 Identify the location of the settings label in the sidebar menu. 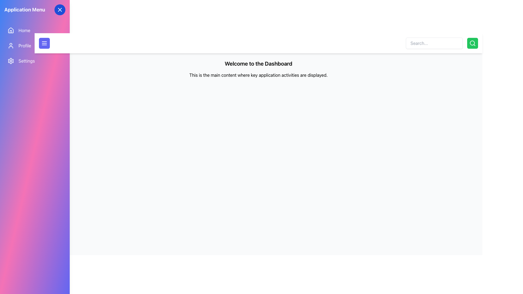
(26, 61).